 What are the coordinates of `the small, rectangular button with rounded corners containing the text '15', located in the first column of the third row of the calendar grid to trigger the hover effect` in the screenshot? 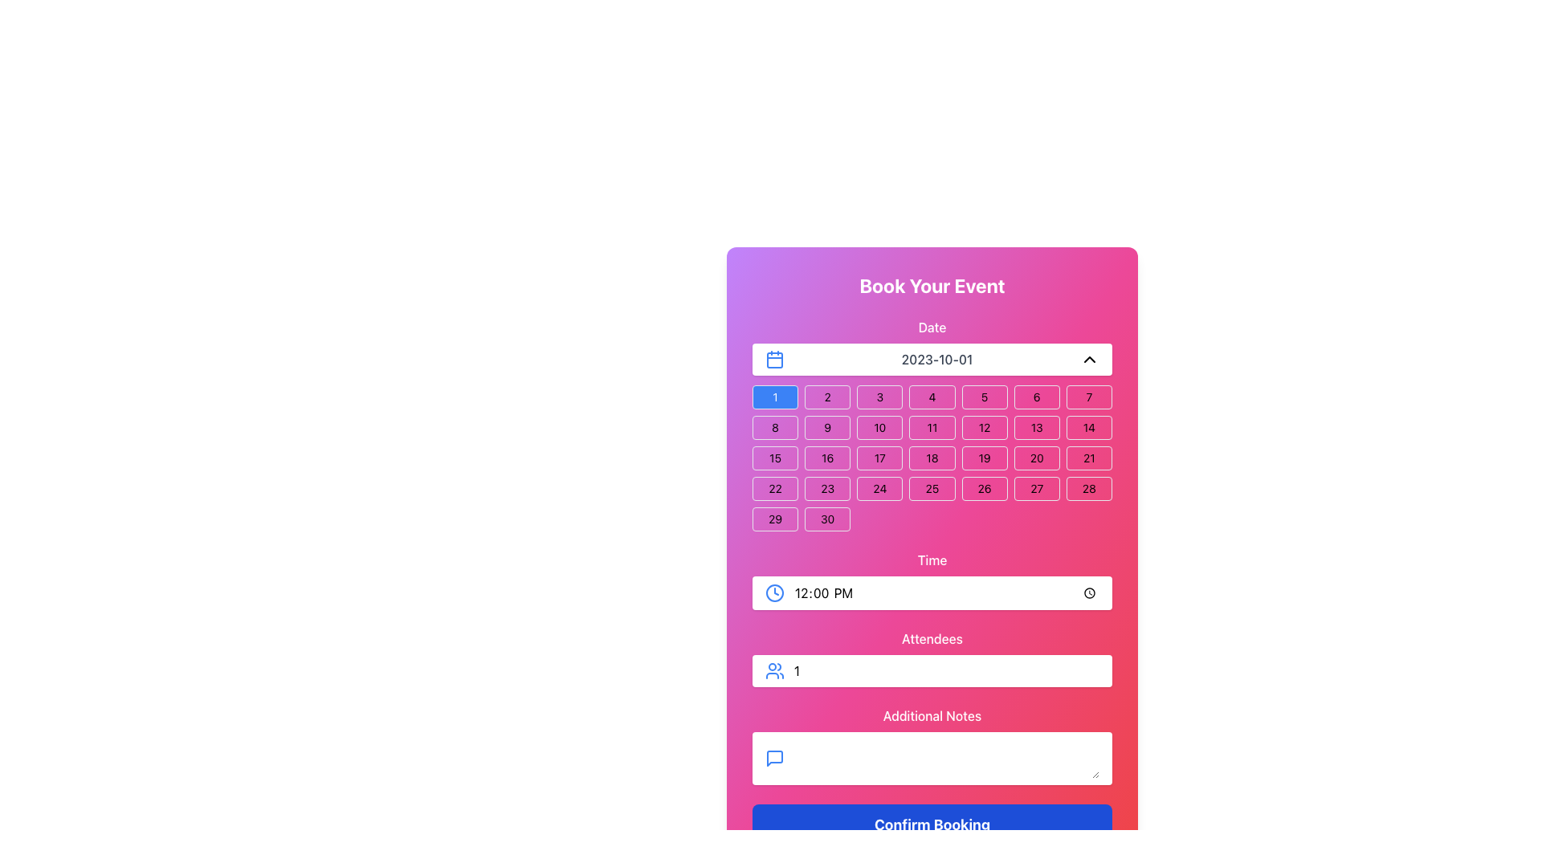 It's located at (775, 458).